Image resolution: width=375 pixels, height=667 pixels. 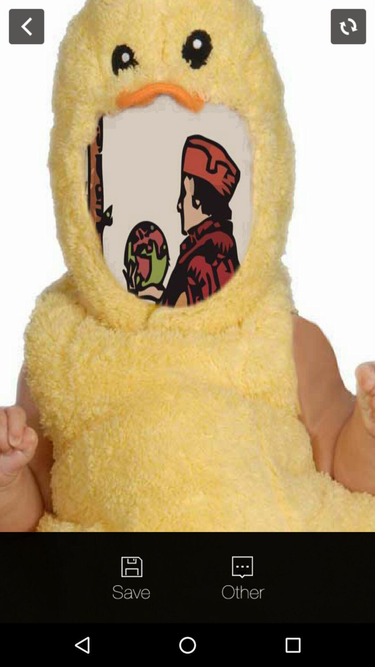 I want to click on the item at the top left corner, so click(x=26, y=26).